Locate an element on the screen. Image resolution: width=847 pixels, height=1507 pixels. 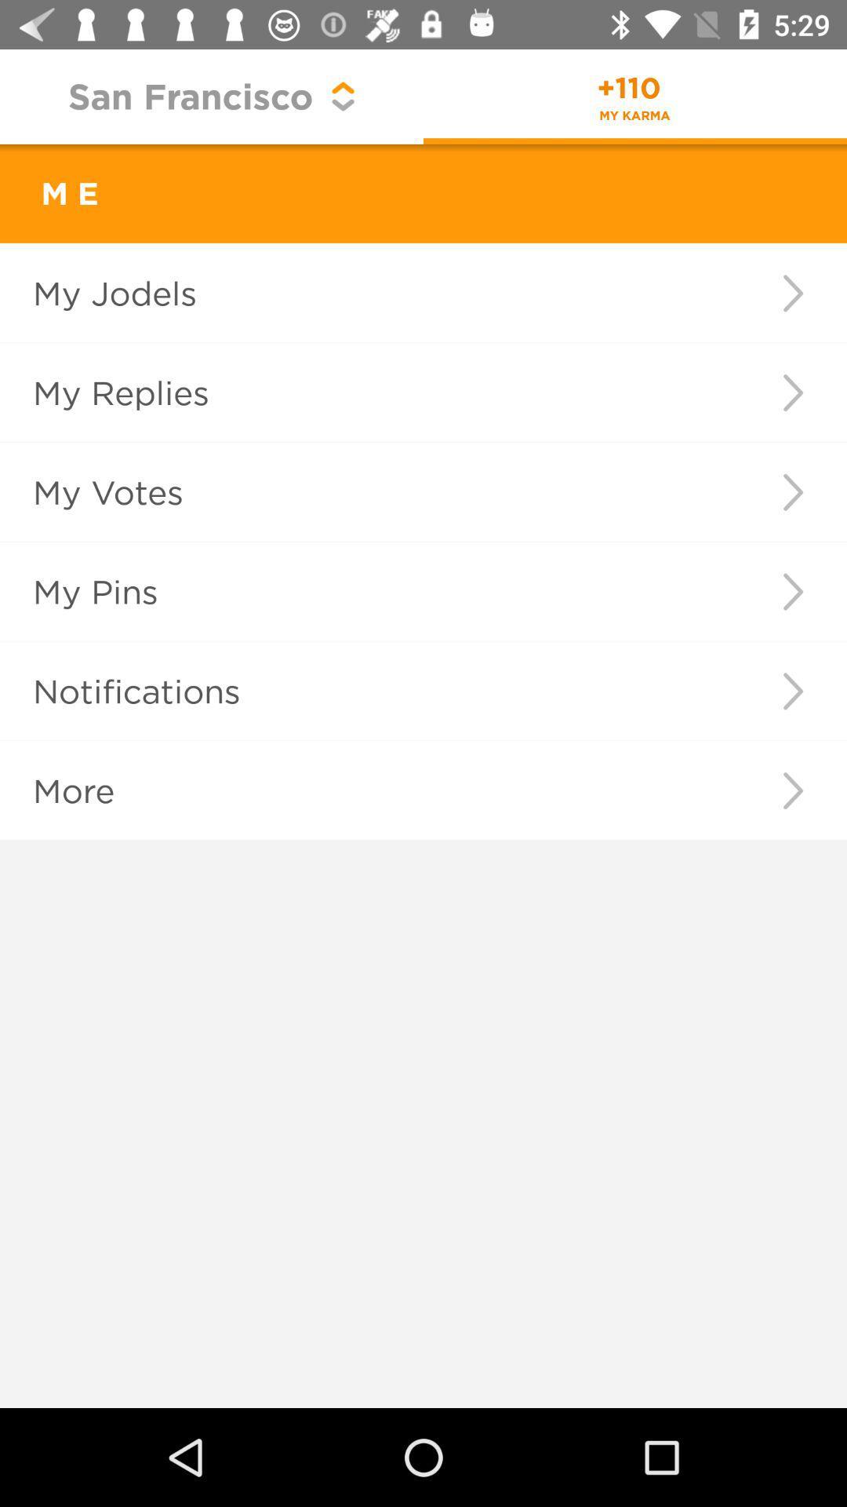
the my votes item is located at coordinates (363, 491).